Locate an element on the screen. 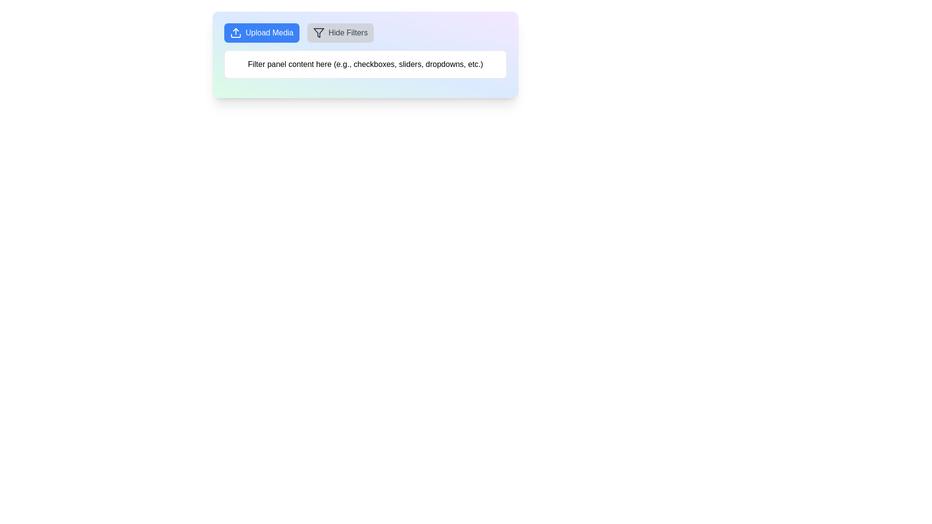  the 'Hide Filters' button located within the central filter interface panel to conceal the filter panel is located at coordinates (365, 54).